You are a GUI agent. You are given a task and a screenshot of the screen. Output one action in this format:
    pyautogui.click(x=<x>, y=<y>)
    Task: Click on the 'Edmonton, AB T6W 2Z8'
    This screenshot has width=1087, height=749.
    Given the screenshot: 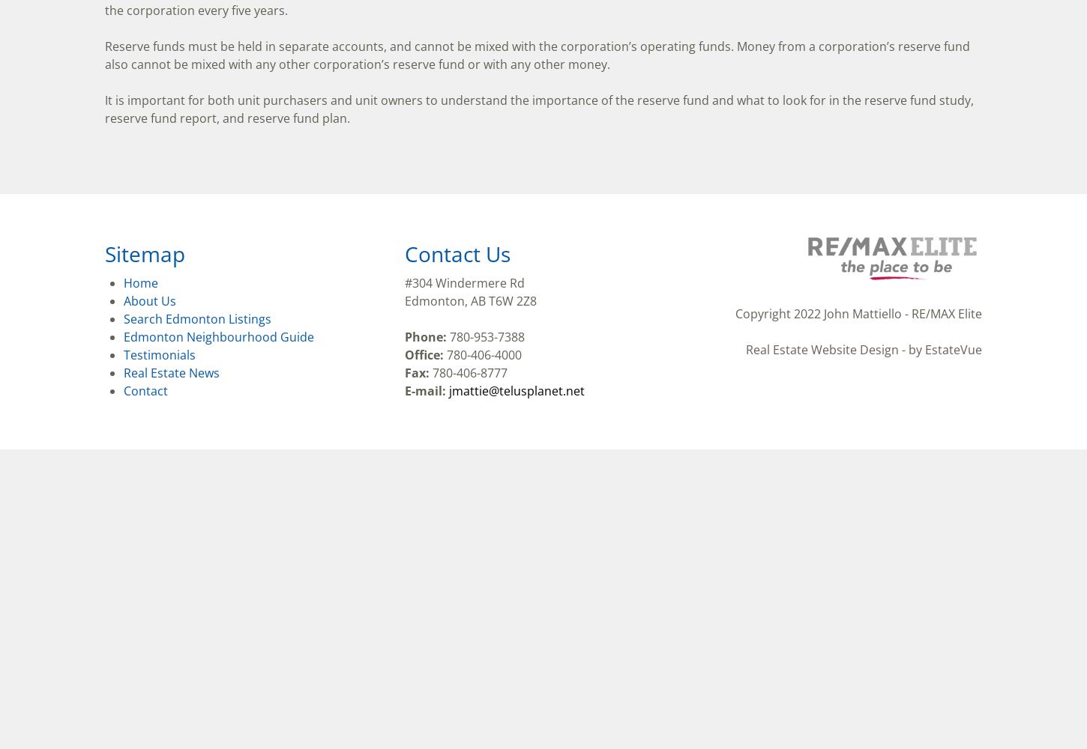 What is the action you would take?
    pyautogui.click(x=469, y=301)
    